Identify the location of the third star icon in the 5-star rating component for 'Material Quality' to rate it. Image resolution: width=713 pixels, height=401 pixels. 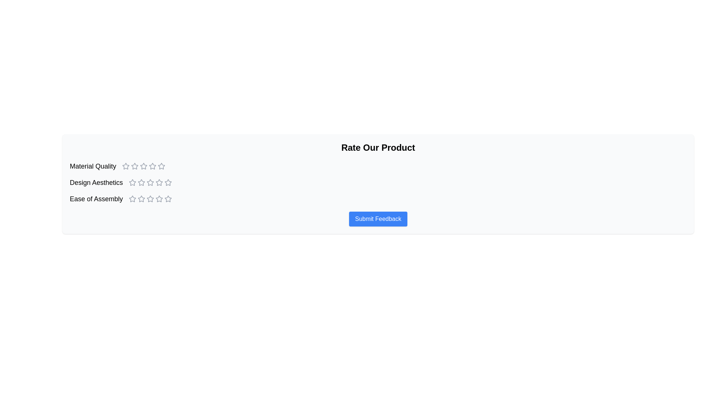
(144, 166).